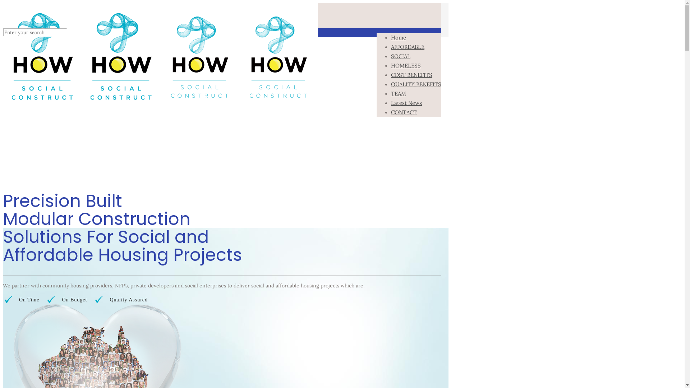 The image size is (690, 388). I want to click on 'QUALITY BENEFITS', so click(391, 84).